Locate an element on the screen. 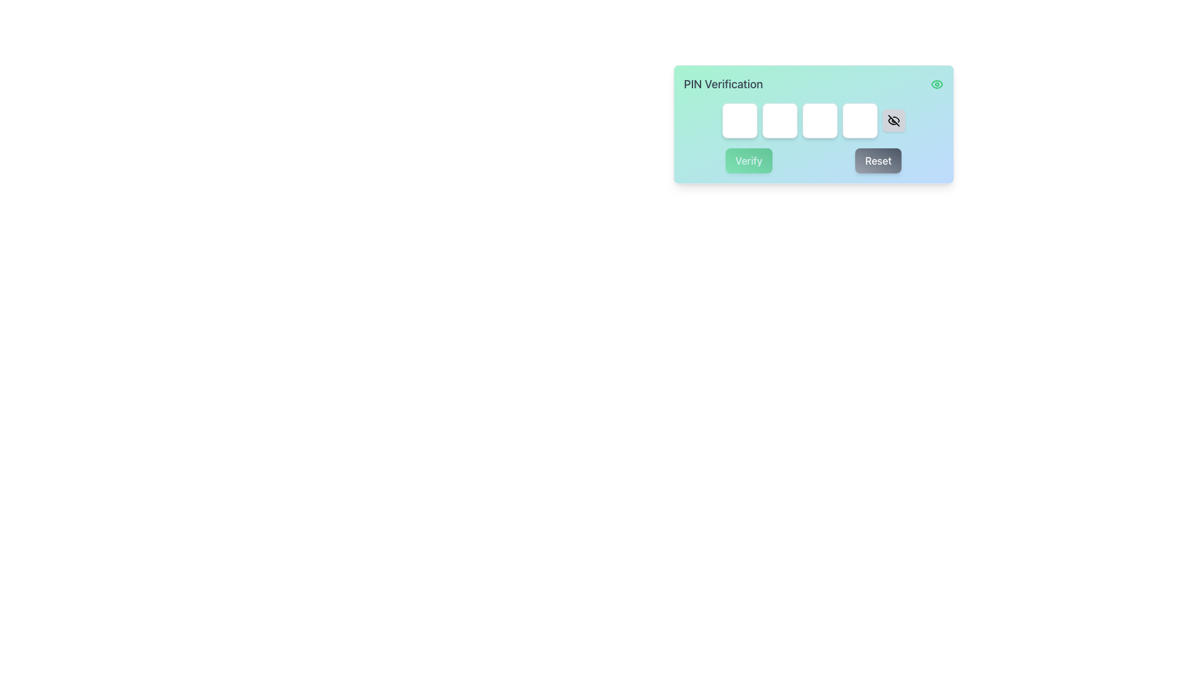 The height and width of the screenshot is (676, 1202). the reset button located to the right of the 'Verify' button to clear the input fields in the current form is located at coordinates (878, 160).